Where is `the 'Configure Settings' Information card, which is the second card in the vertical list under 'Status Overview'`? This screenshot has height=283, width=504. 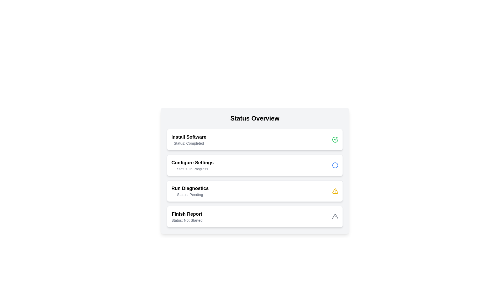
the 'Configure Settings' Information card, which is the second card in the vertical list under 'Status Overview' is located at coordinates (255, 170).